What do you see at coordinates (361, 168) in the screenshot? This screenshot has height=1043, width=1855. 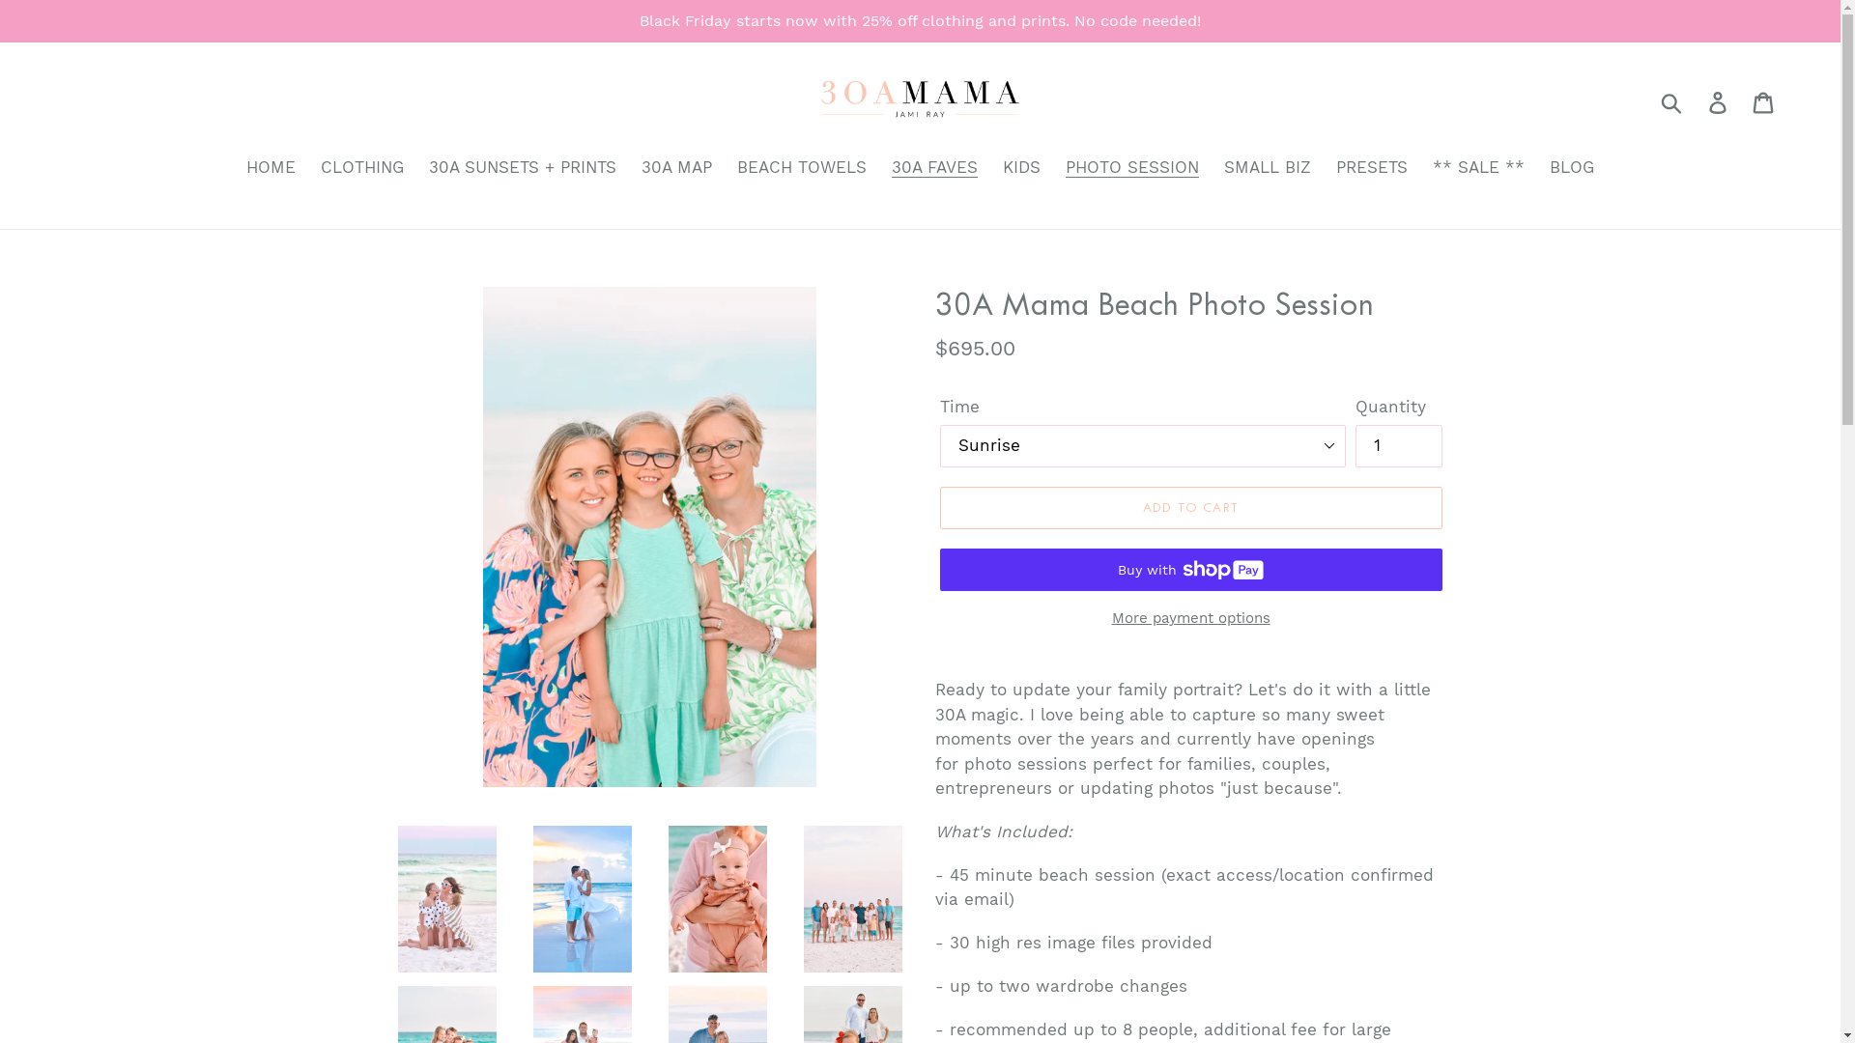 I see `'CLOTHING'` at bounding box center [361, 168].